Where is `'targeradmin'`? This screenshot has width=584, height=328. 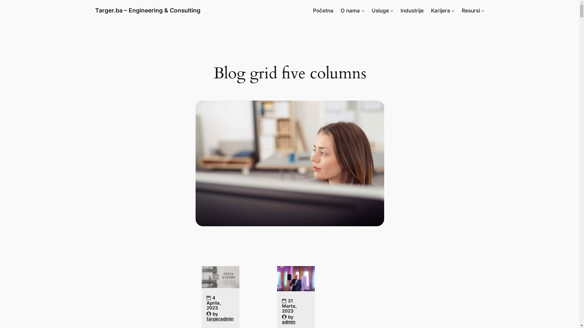 'targeradmin' is located at coordinates (220, 318).